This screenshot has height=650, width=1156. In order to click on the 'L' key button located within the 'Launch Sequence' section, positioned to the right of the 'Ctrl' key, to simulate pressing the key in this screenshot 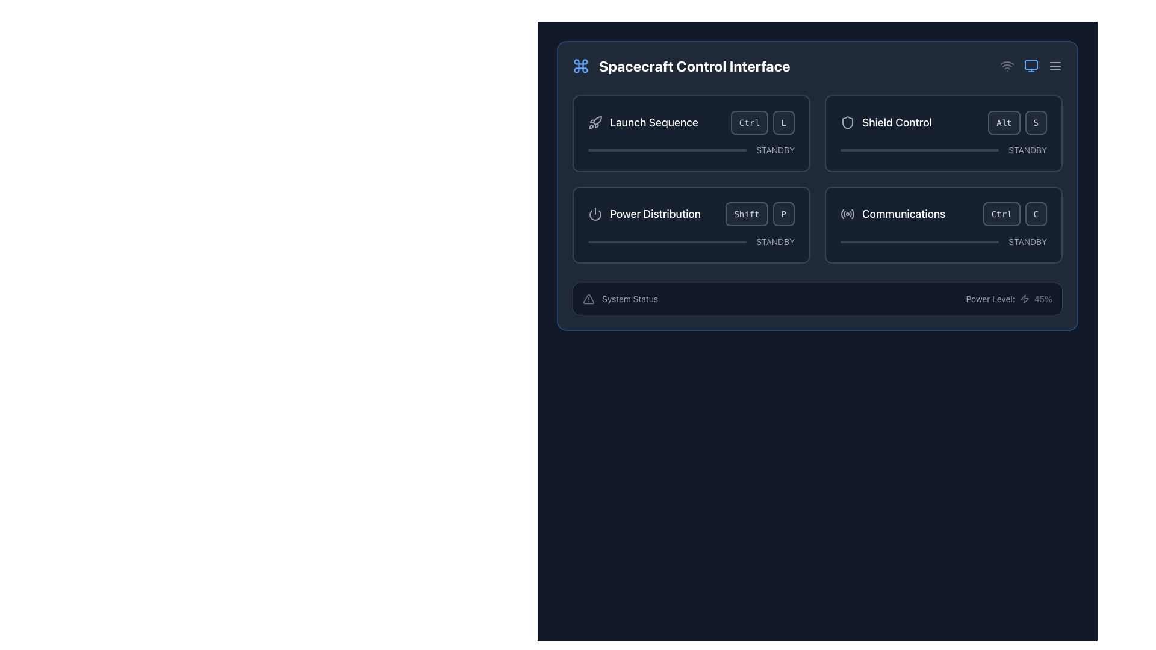, I will do `click(783, 123)`.